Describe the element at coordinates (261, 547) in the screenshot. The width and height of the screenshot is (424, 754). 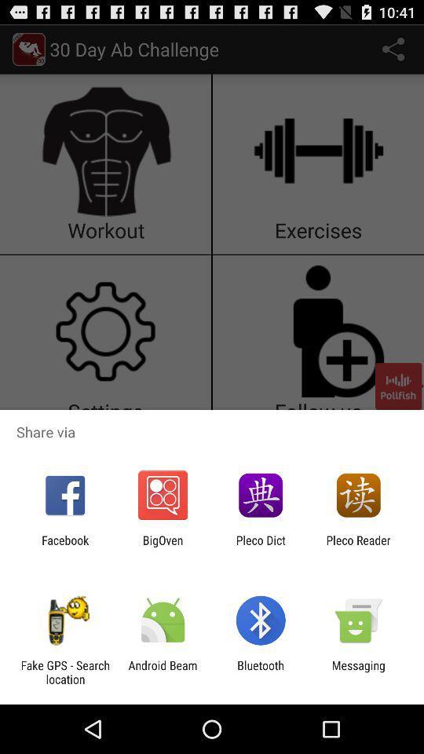
I see `pleco dict icon` at that location.